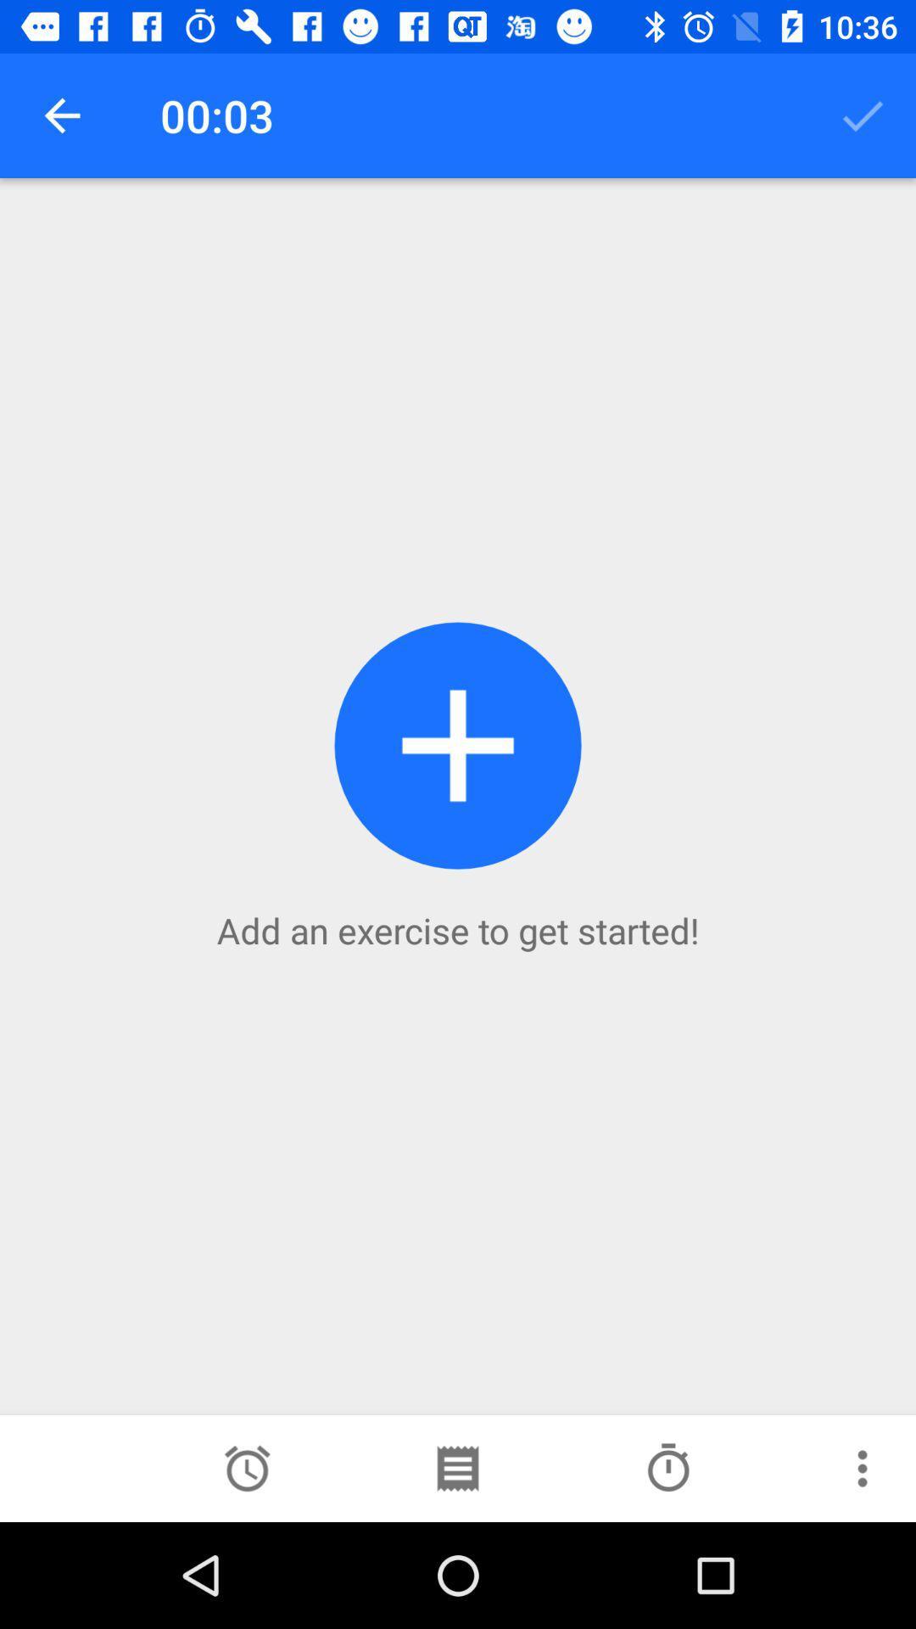  Describe the element at coordinates (456, 1468) in the screenshot. I see `the item below the add an exercise item` at that location.